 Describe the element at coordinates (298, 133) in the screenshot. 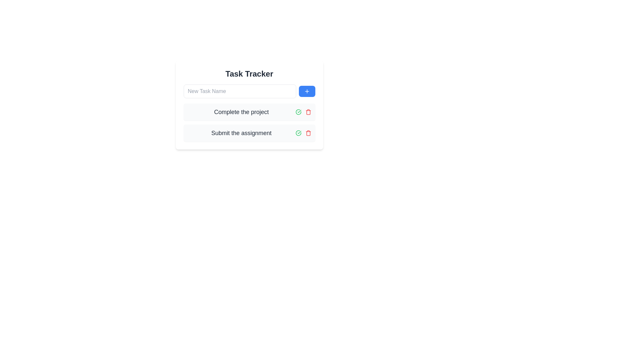

I see `the interactive icon located to the right of the text 'Complete the project' to mark the task as completed` at that location.